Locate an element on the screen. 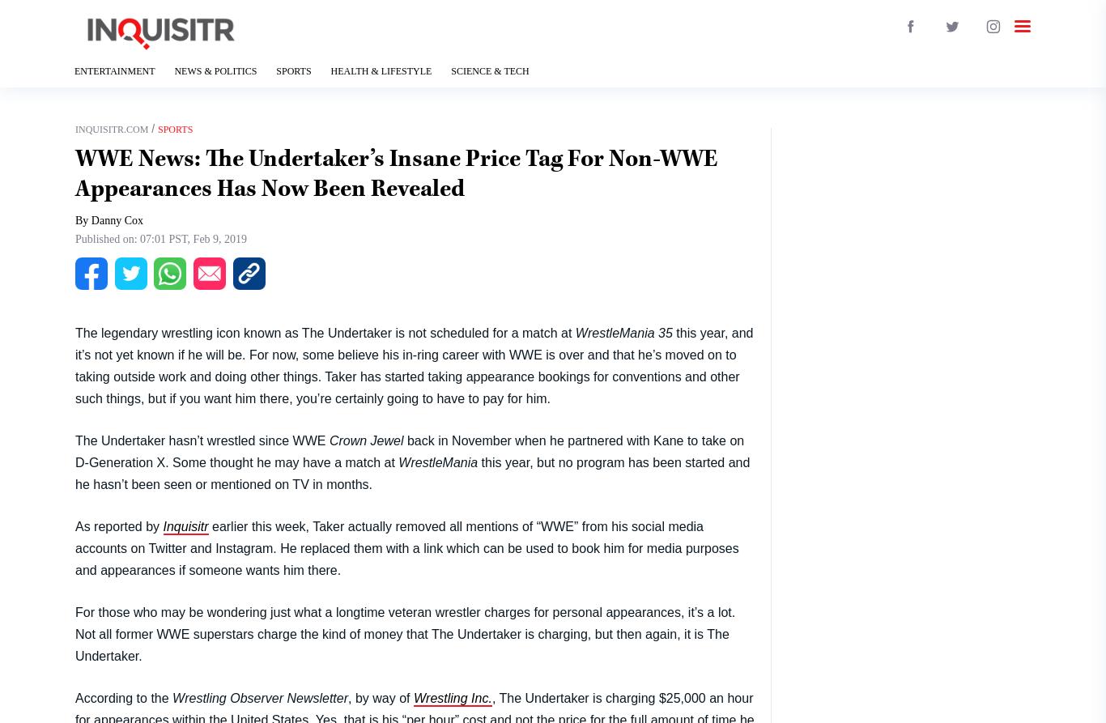 The image size is (1106, 723). 'WrestleMania' is located at coordinates (437, 461).